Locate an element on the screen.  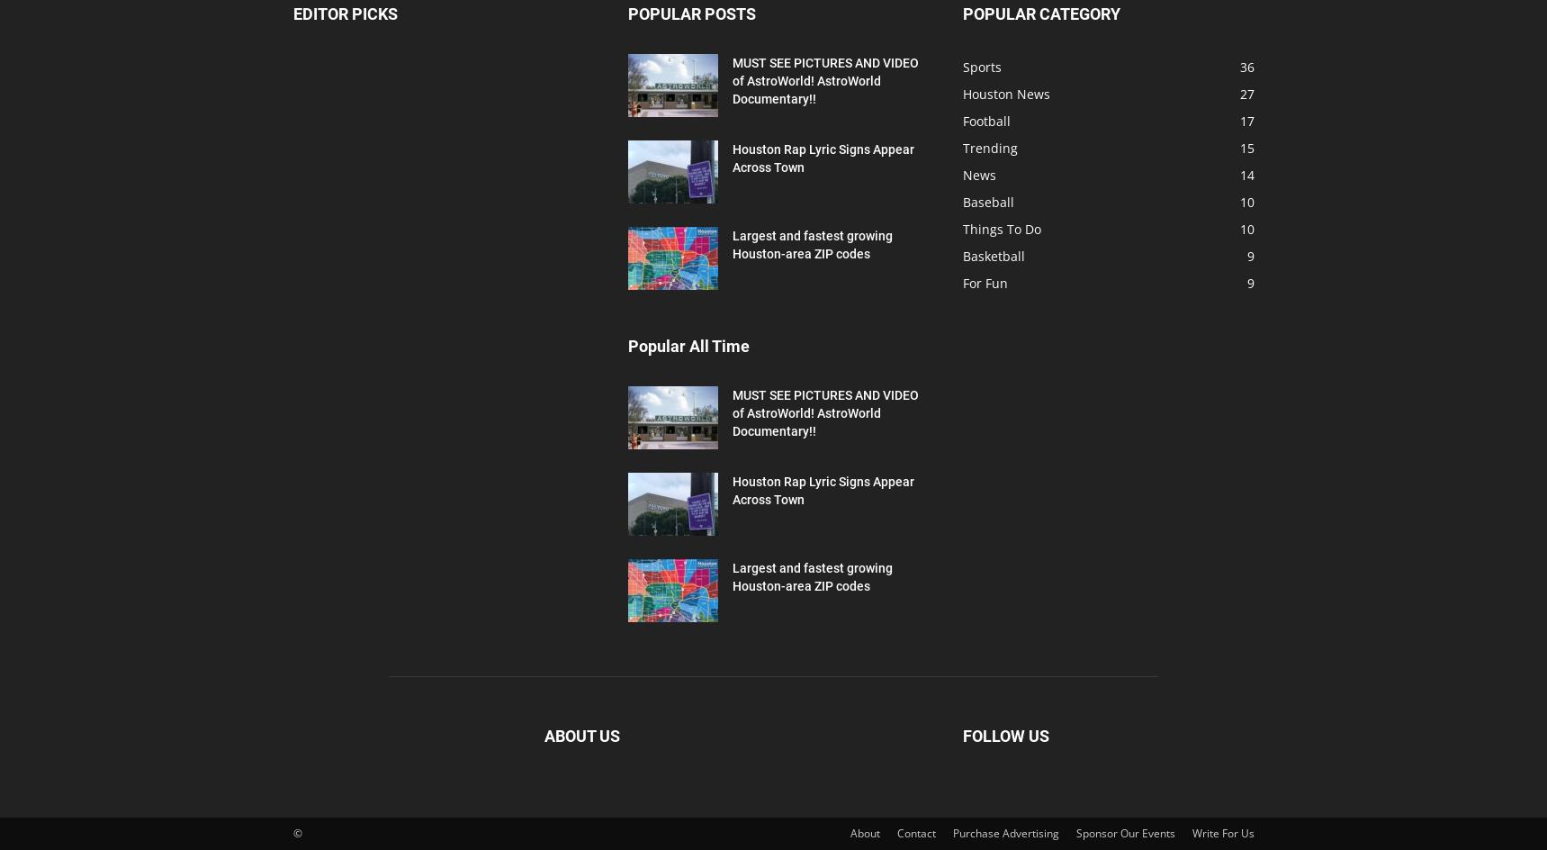
'Trending' is located at coordinates (988, 148).